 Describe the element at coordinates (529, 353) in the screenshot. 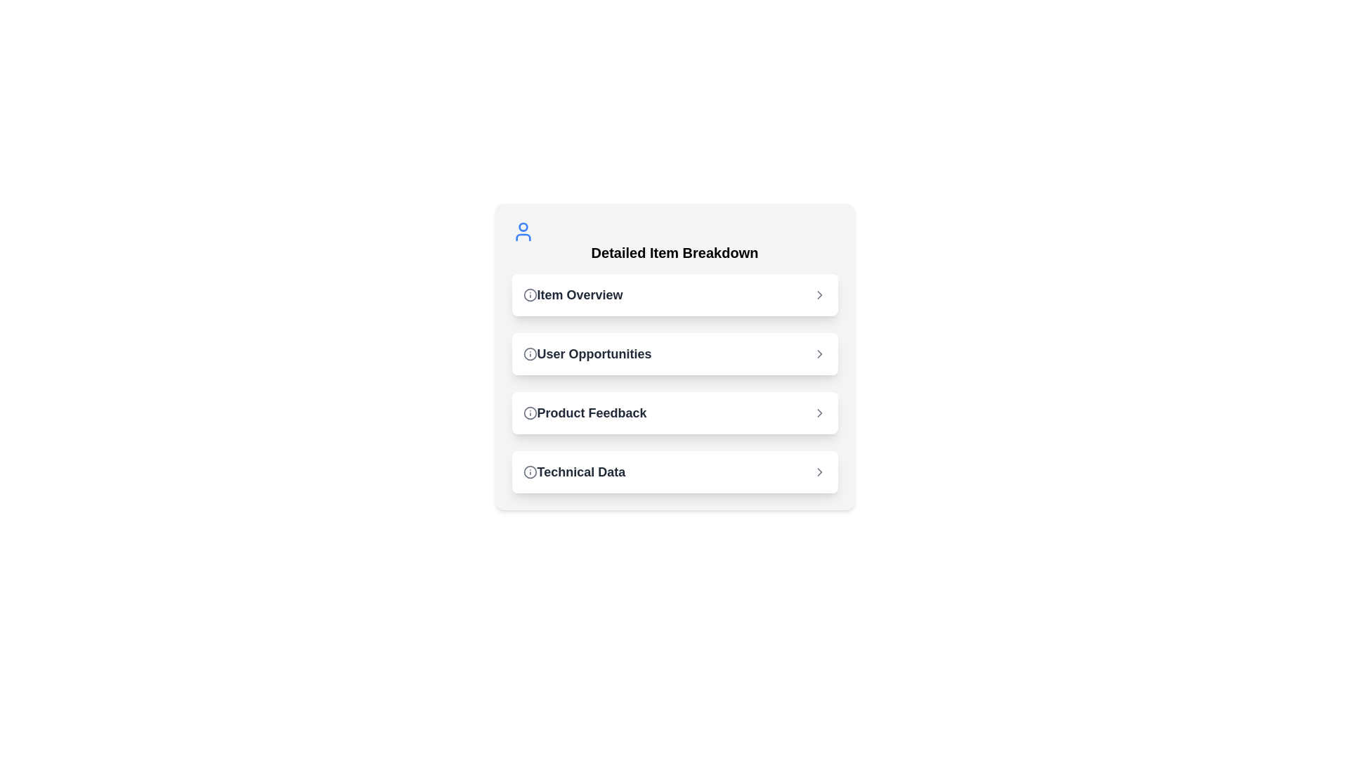

I see `the Informational icon located to the left of the 'User Opportunities' text in the 'Detailed Item Breakdown' menu` at that location.